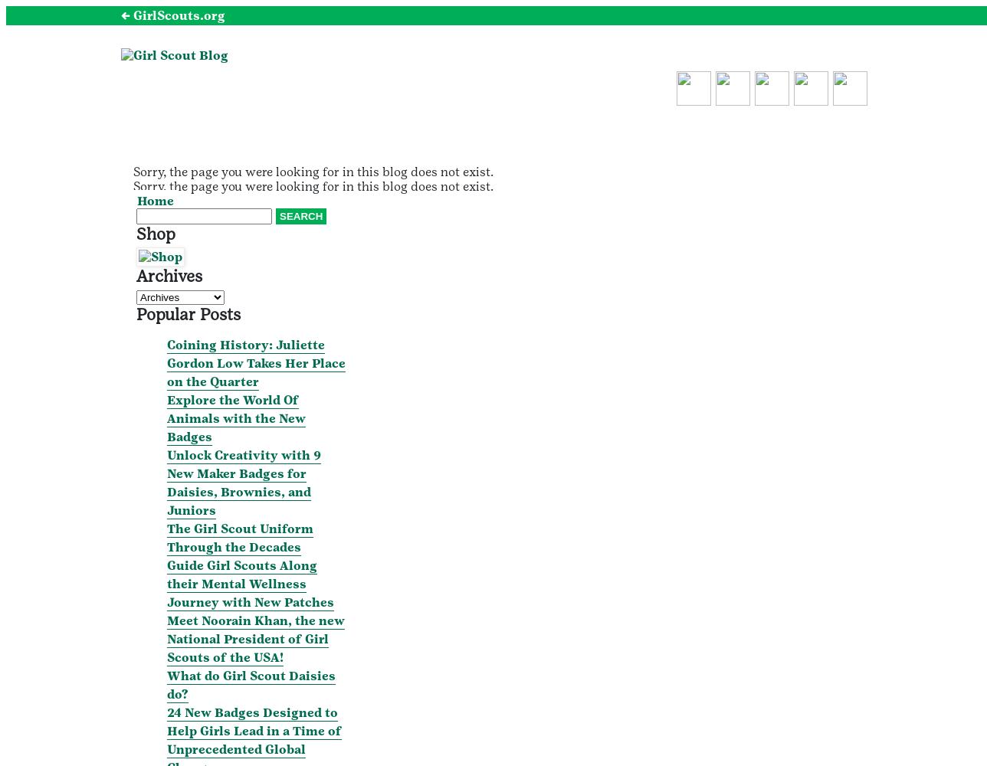 The height and width of the screenshot is (766, 987). What do you see at coordinates (166, 482) in the screenshot?
I see `'Unlock Creativity with 9 New Maker Badges for Daisies, Brownies, and Juniors'` at bounding box center [166, 482].